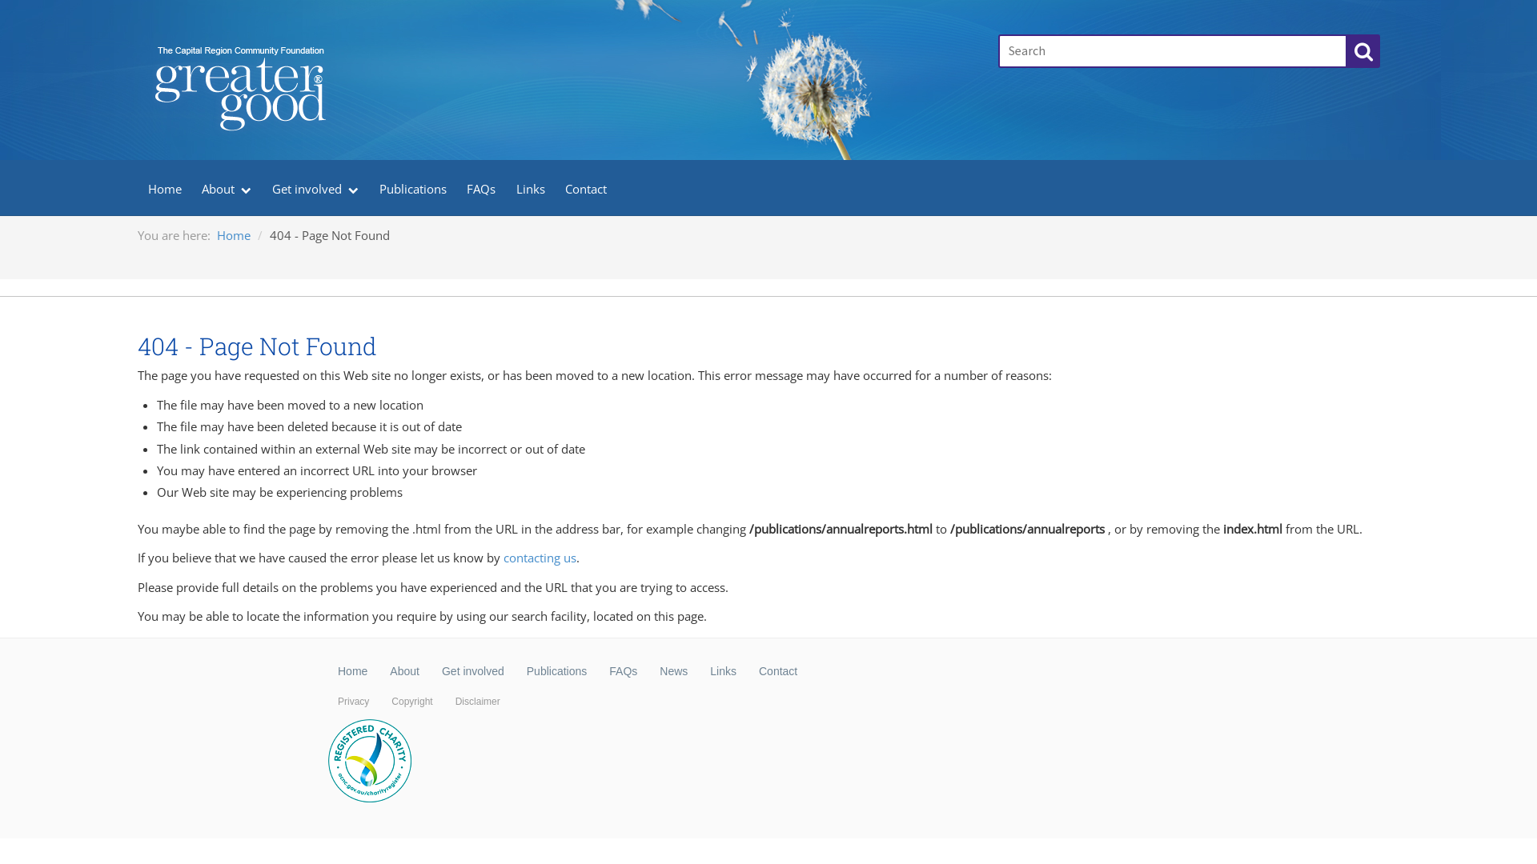  What do you see at coordinates (351, 671) in the screenshot?
I see `'Home'` at bounding box center [351, 671].